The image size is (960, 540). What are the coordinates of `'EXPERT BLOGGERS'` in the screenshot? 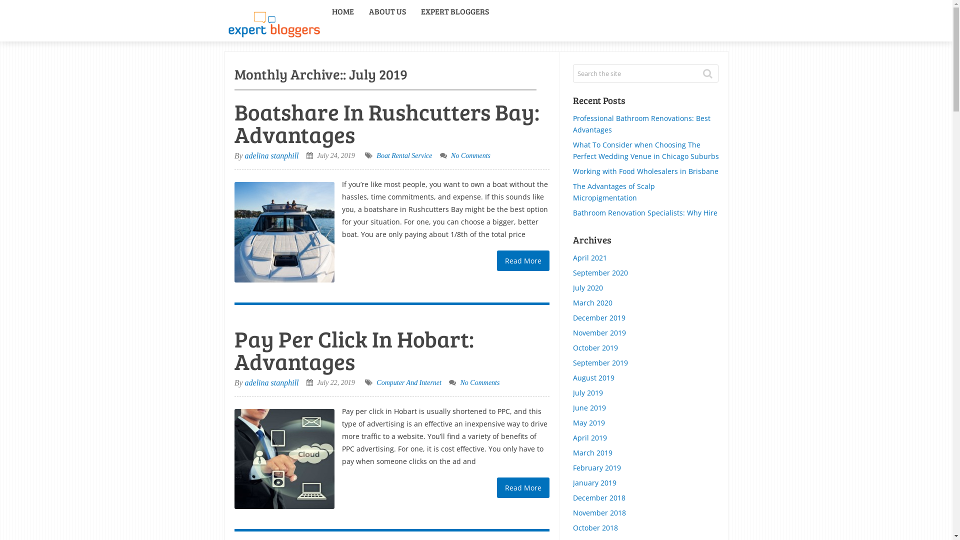 It's located at (412, 11).